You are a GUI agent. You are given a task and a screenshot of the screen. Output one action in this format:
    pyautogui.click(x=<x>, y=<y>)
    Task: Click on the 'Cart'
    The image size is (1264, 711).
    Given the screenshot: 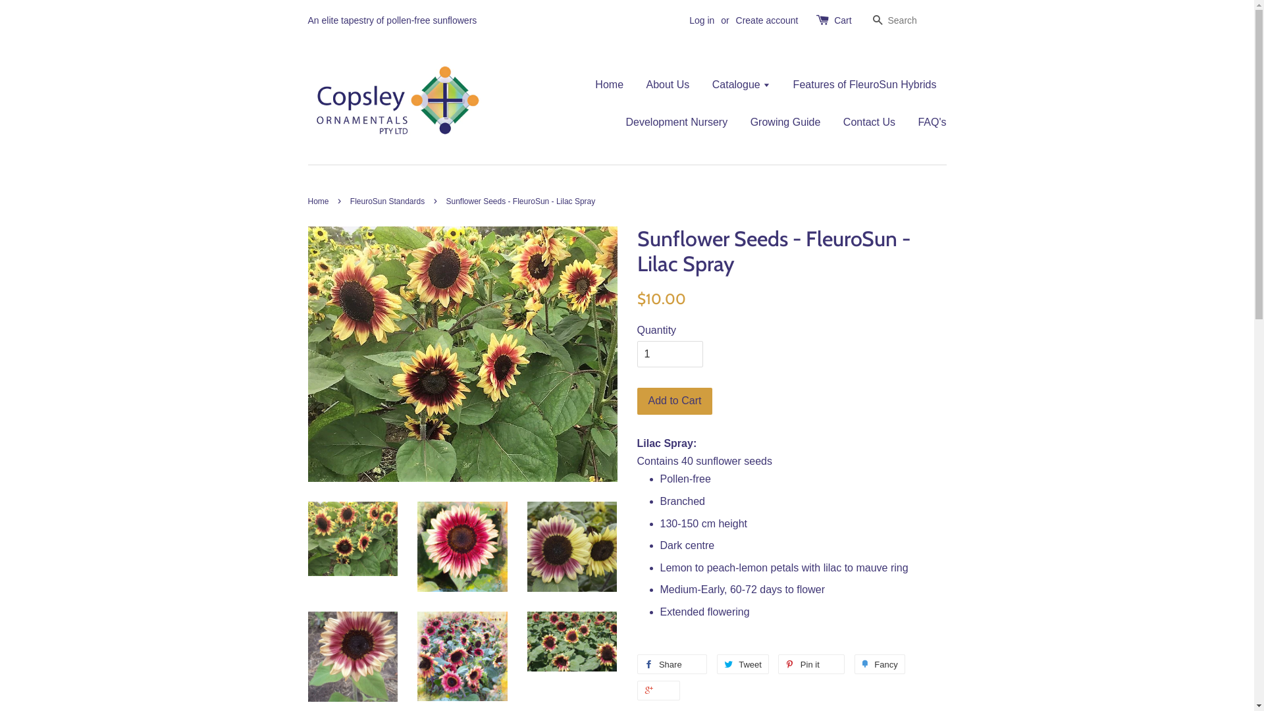 What is the action you would take?
    pyautogui.click(x=833, y=20)
    